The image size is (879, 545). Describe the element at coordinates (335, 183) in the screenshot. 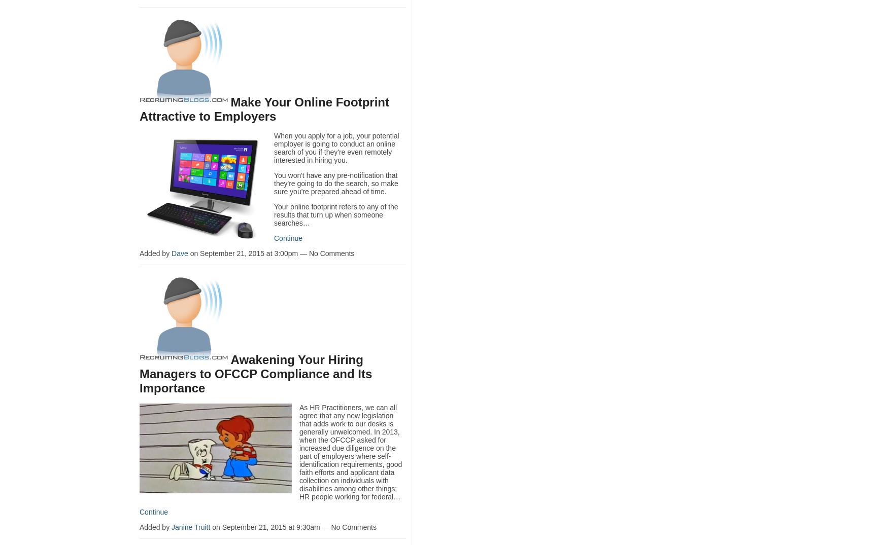

I see `'You won't have any pre-notification that they're going to do the search, so make sure you're prepared ahead of time.'` at that location.